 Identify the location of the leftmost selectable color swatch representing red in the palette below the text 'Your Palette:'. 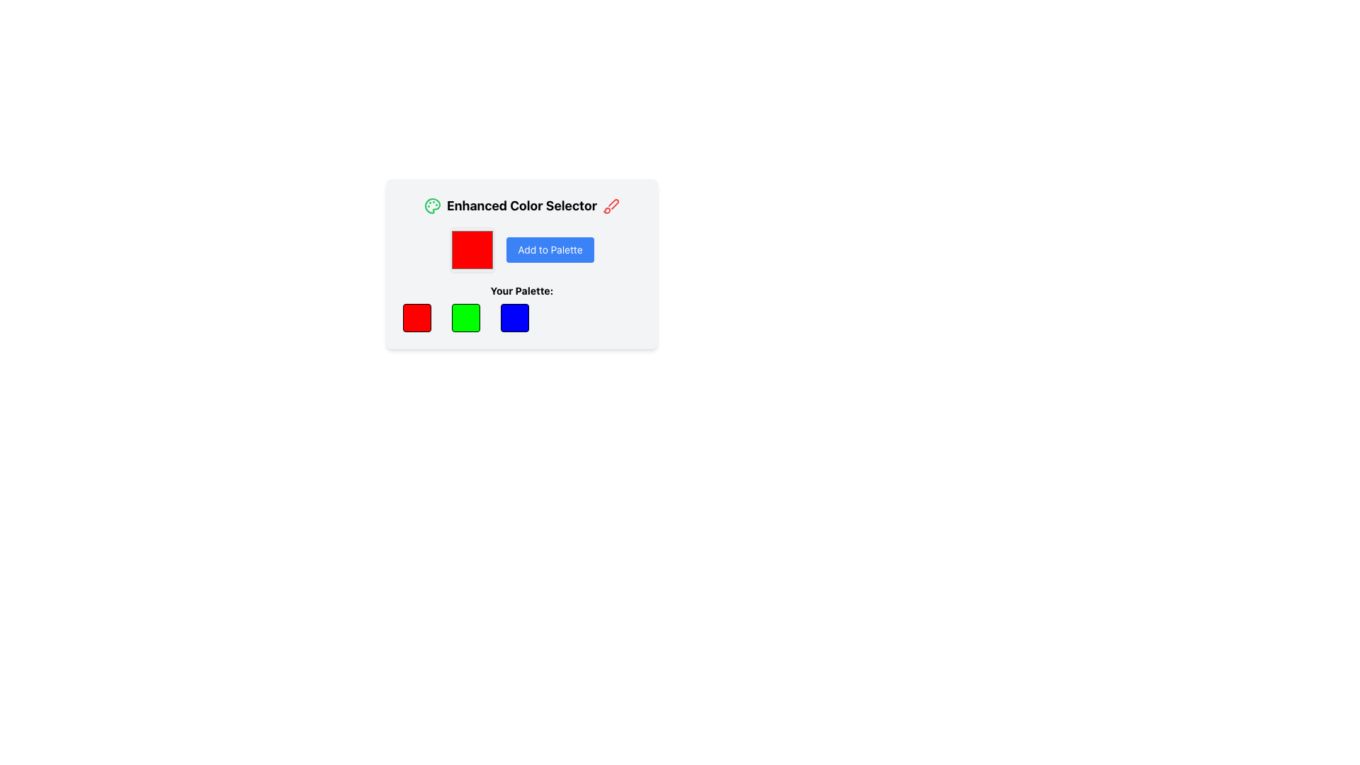
(416, 317).